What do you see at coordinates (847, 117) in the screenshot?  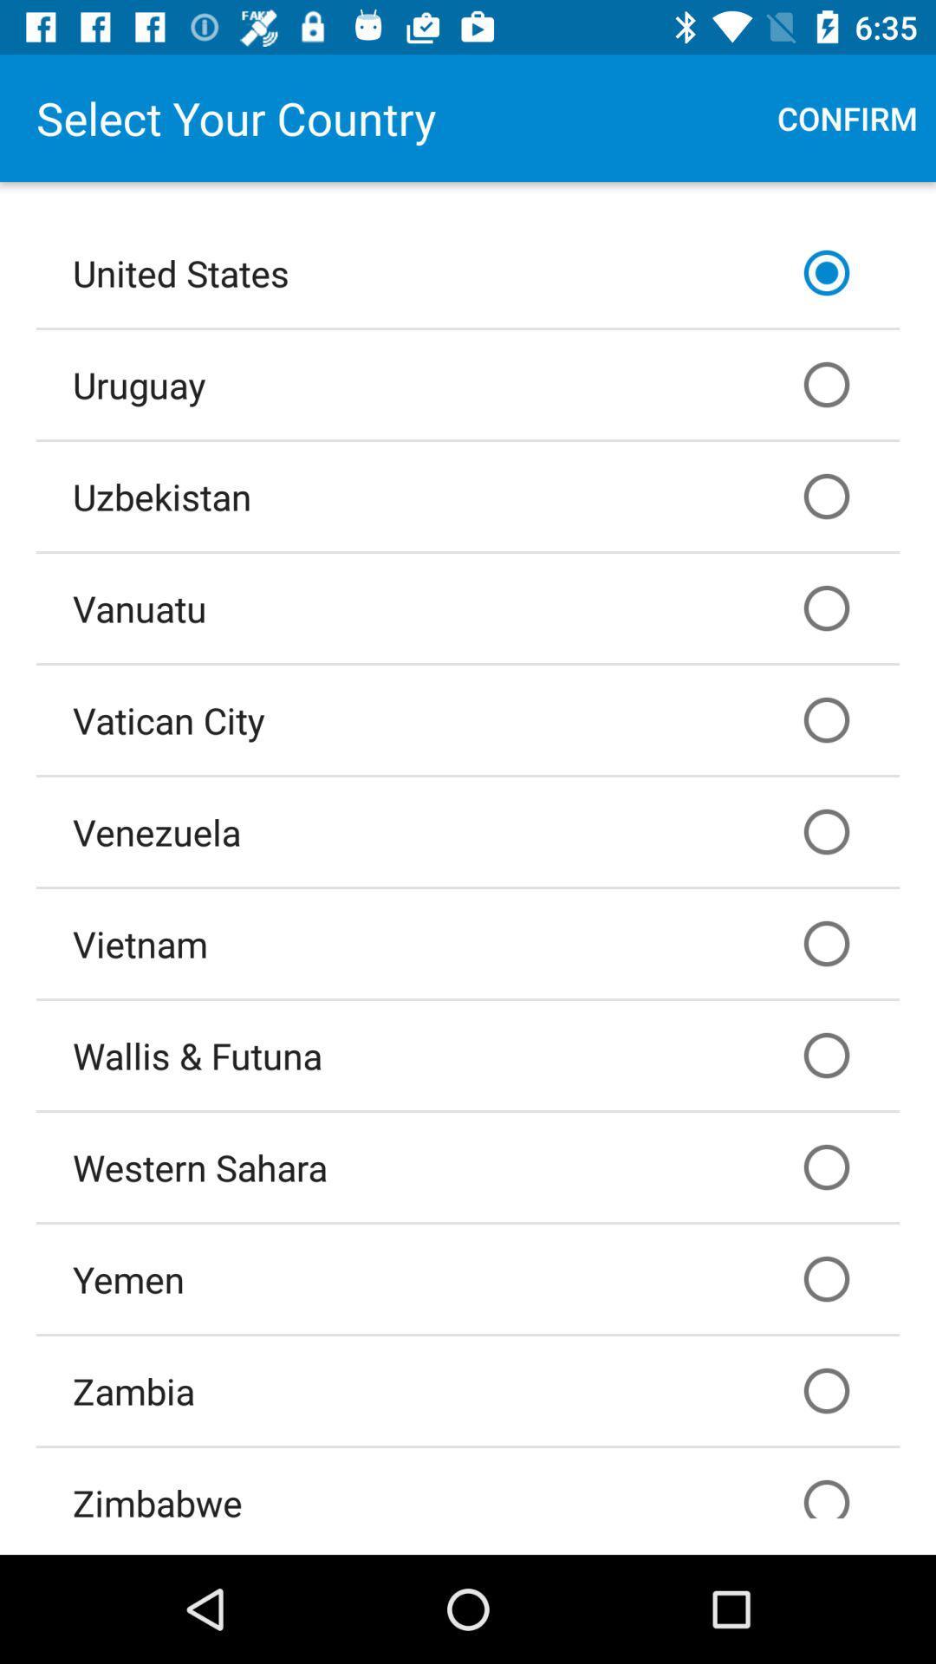 I see `item next to the select your country item` at bounding box center [847, 117].